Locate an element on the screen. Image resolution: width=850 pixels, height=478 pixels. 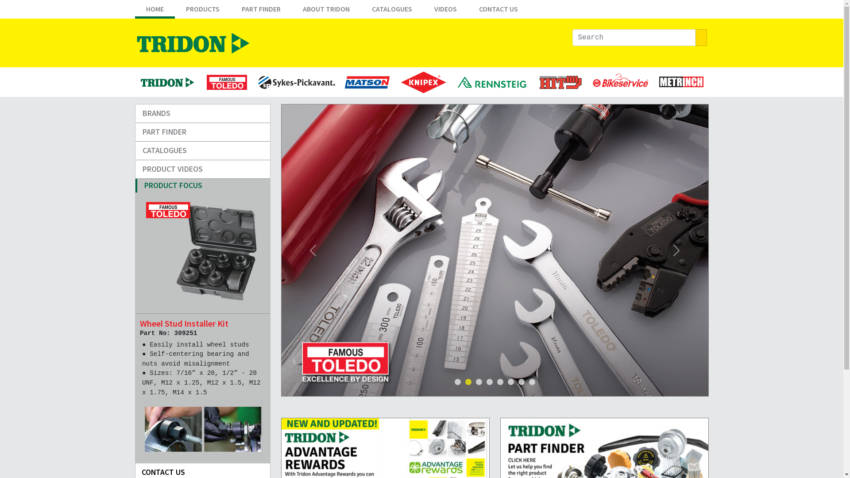
'PART FINDER' is located at coordinates (230, 11).